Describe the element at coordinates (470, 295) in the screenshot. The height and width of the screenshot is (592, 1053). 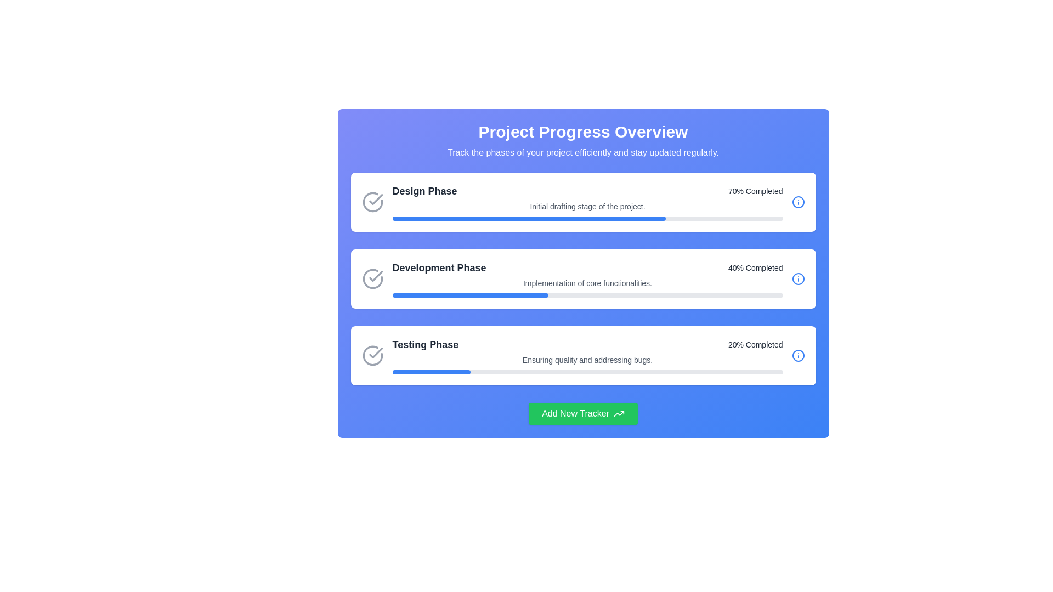
I see `the progress bar segment representing the completion percentage for the 'Development Phase' of the project` at that location.